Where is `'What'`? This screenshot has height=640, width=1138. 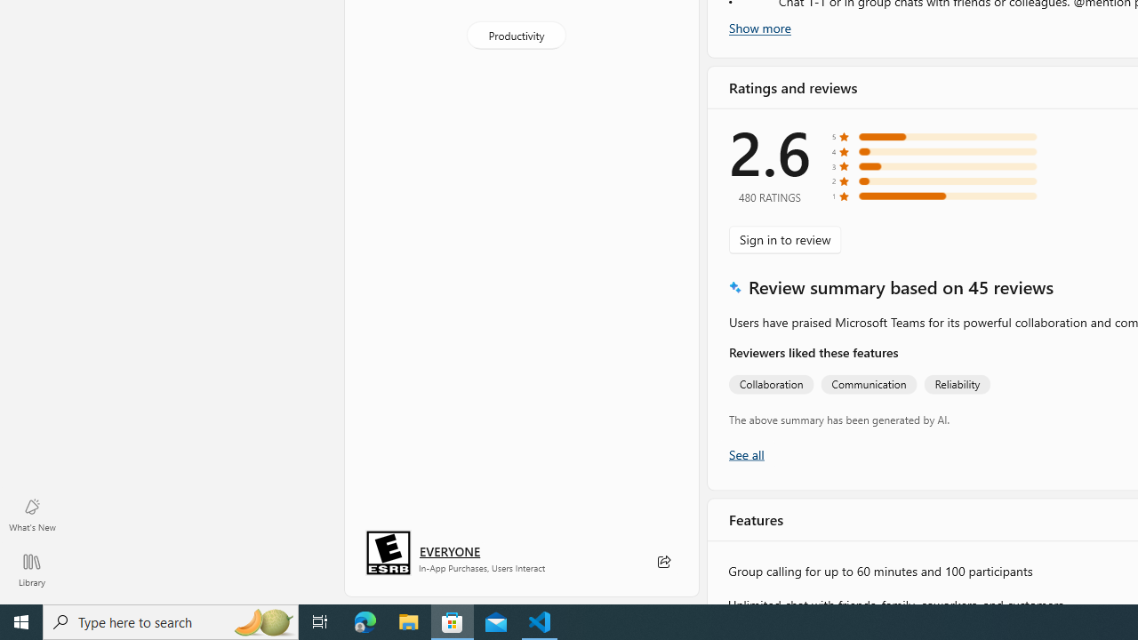
'What' is located at coordinates (31, 514).